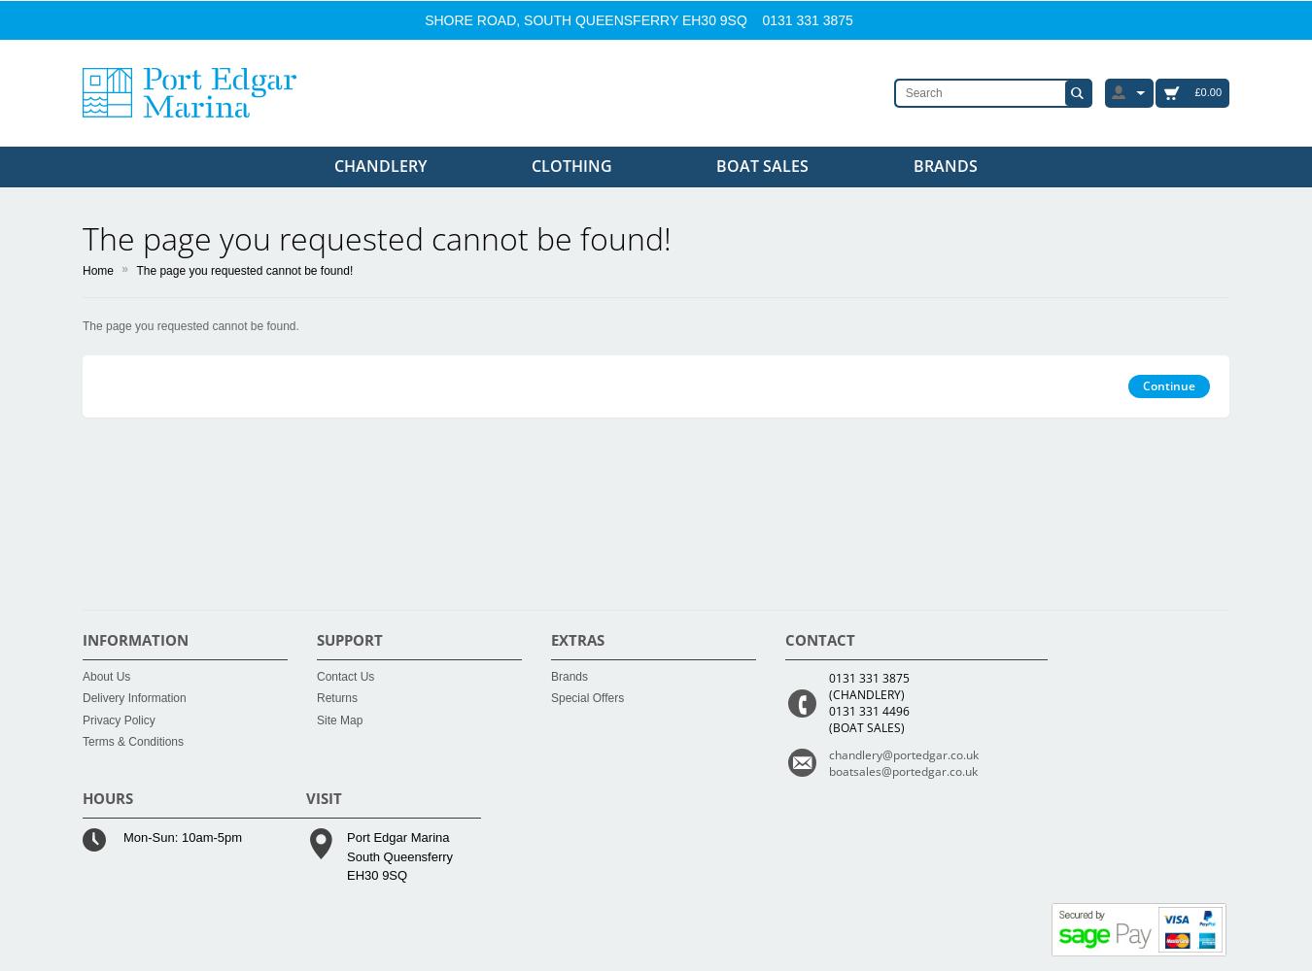  Describe the element at coordinates (336, 697) in the screenshot. I see `'Returns'` at that location.